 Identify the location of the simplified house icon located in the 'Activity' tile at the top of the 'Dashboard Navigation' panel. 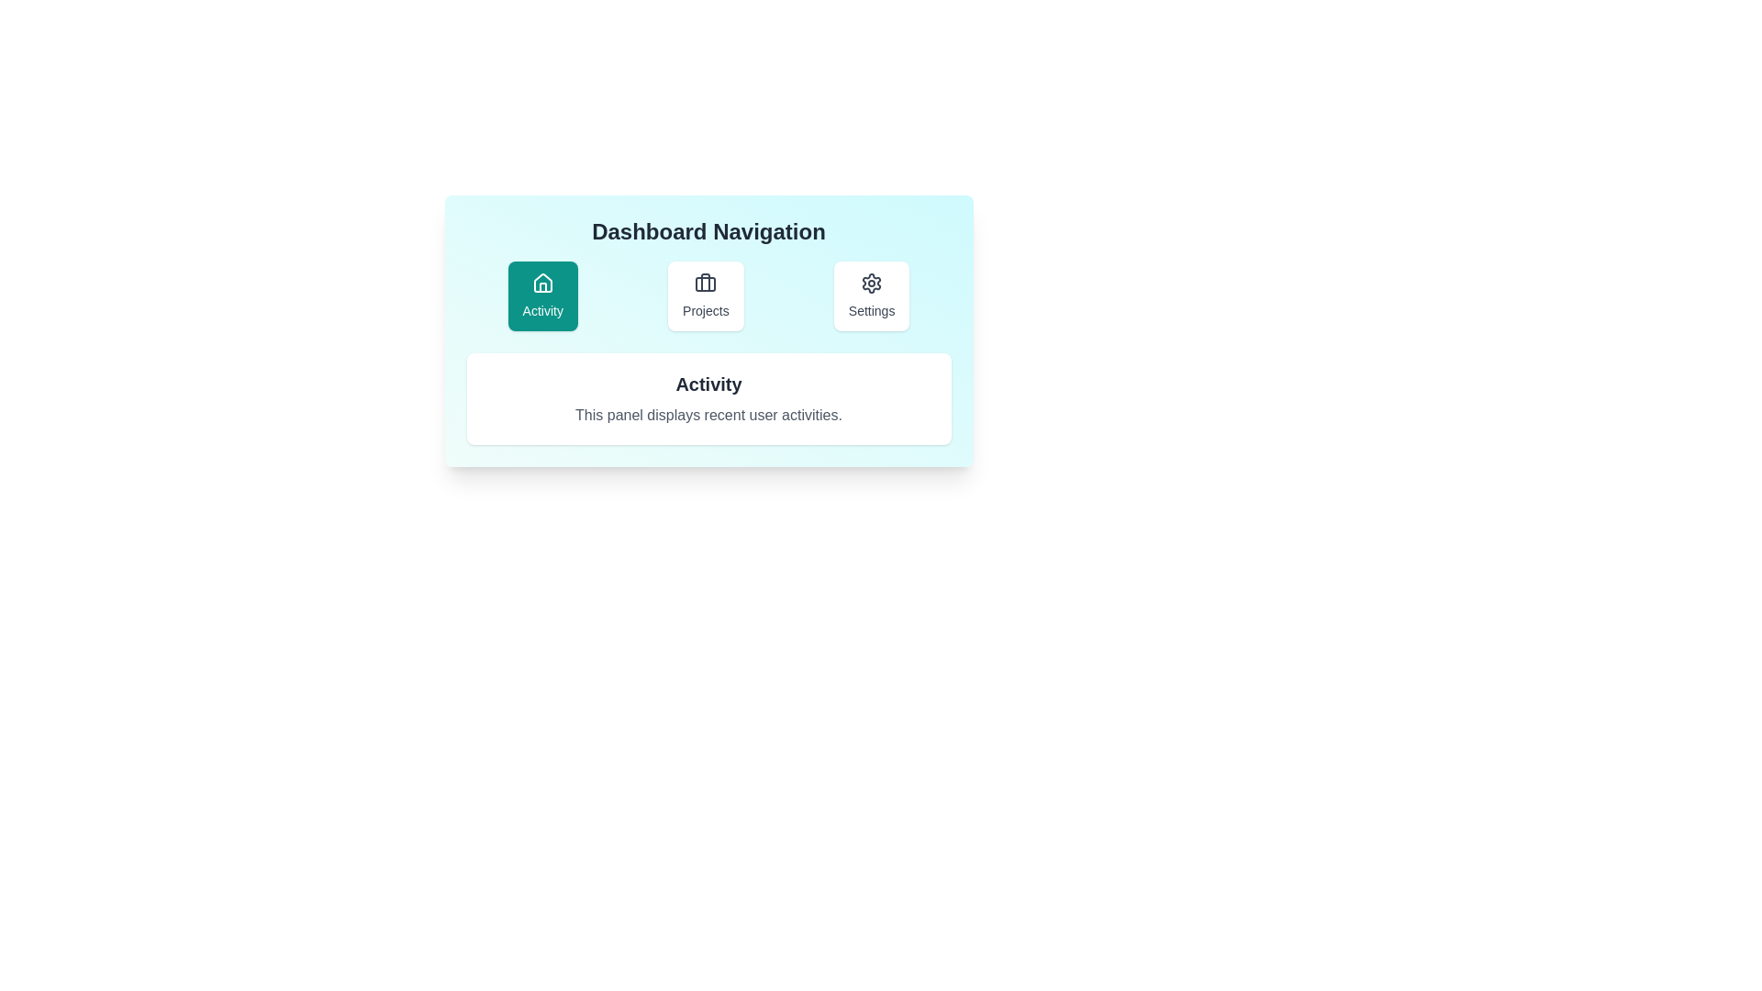
(541, 283).